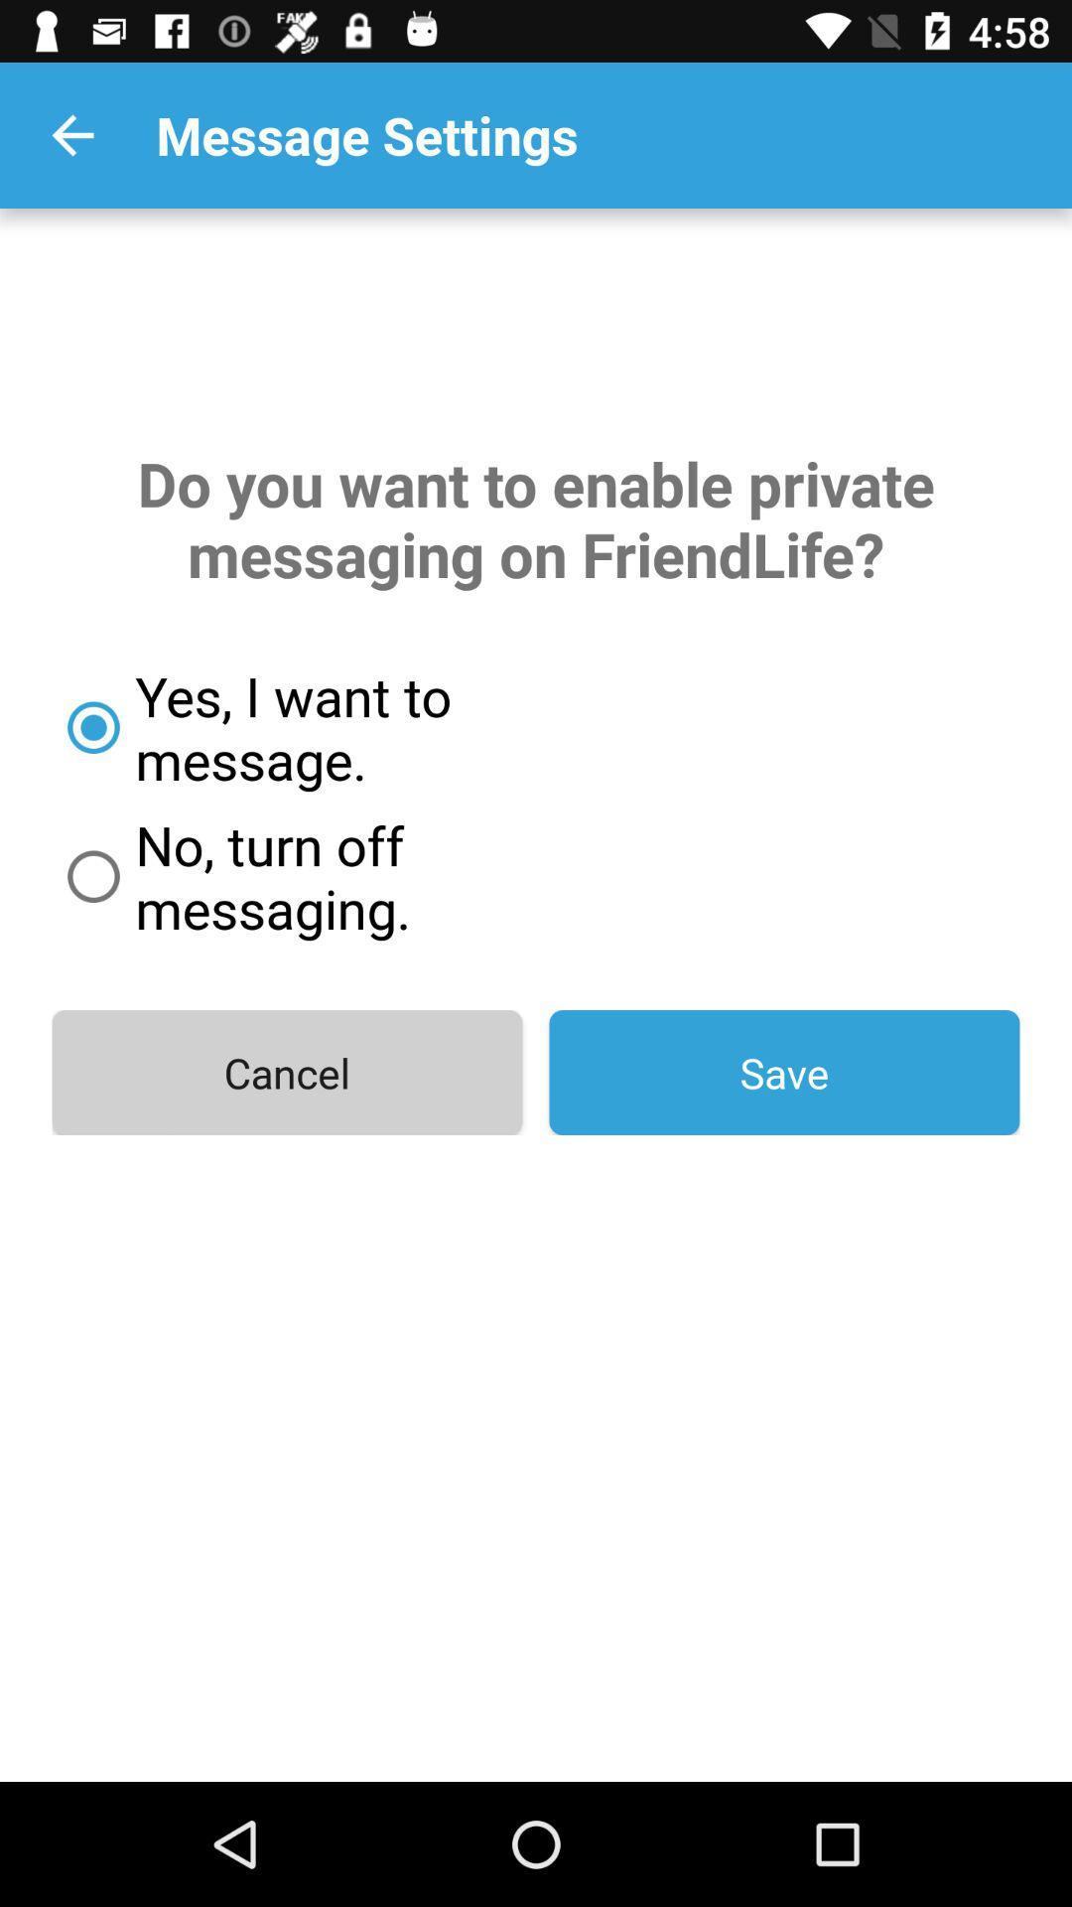 Image resolution: width=1072 pixels, height=1907 pixels. Describe the element at coordinates (71, 134) in the screenshot. I see `the icon to the left of the message settings app` at that location.